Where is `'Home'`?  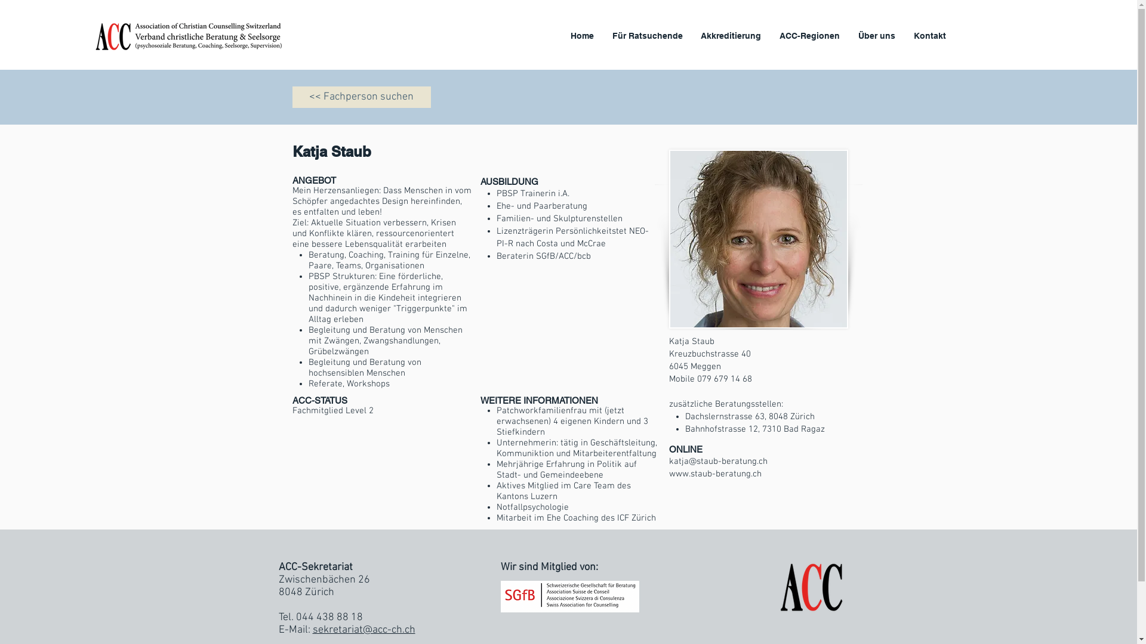 'Home' is located at coordinates (582, 35).